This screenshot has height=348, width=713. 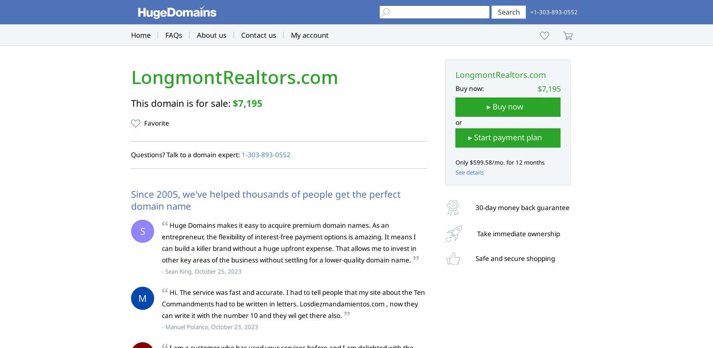 I want to click on 'M', so click(x=142, y=298).